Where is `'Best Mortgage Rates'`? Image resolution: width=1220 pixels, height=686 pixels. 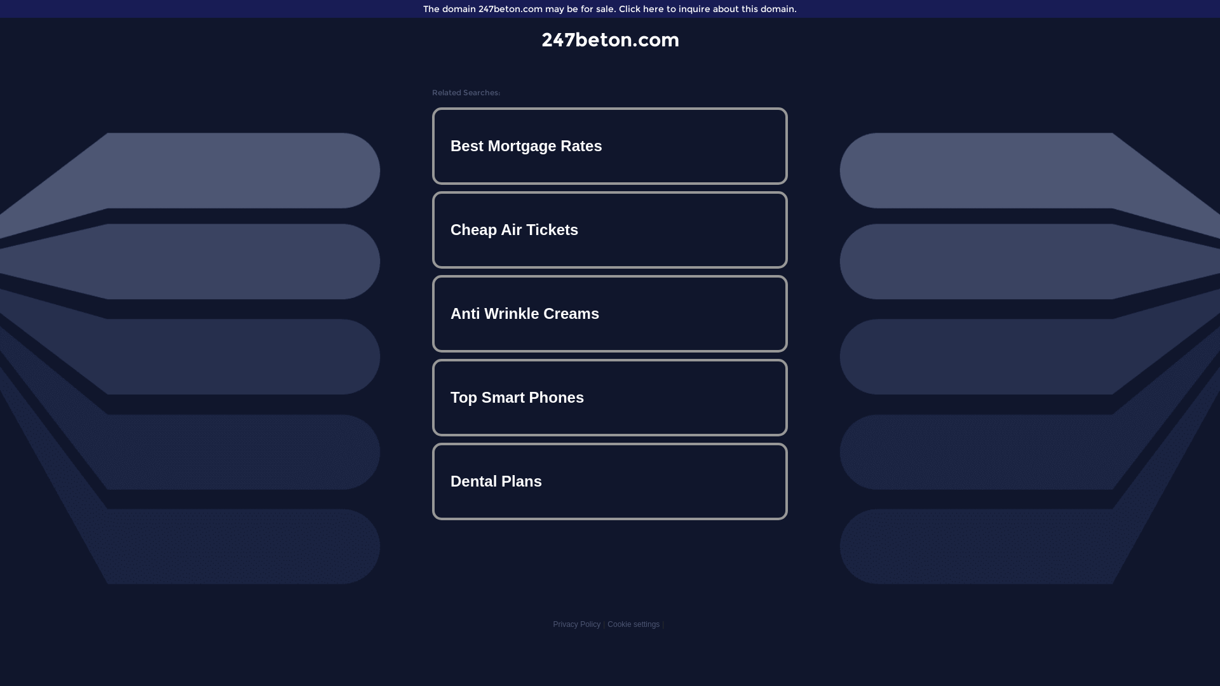 'Best Mortgage Rates' is located at coordinates (610, 145).